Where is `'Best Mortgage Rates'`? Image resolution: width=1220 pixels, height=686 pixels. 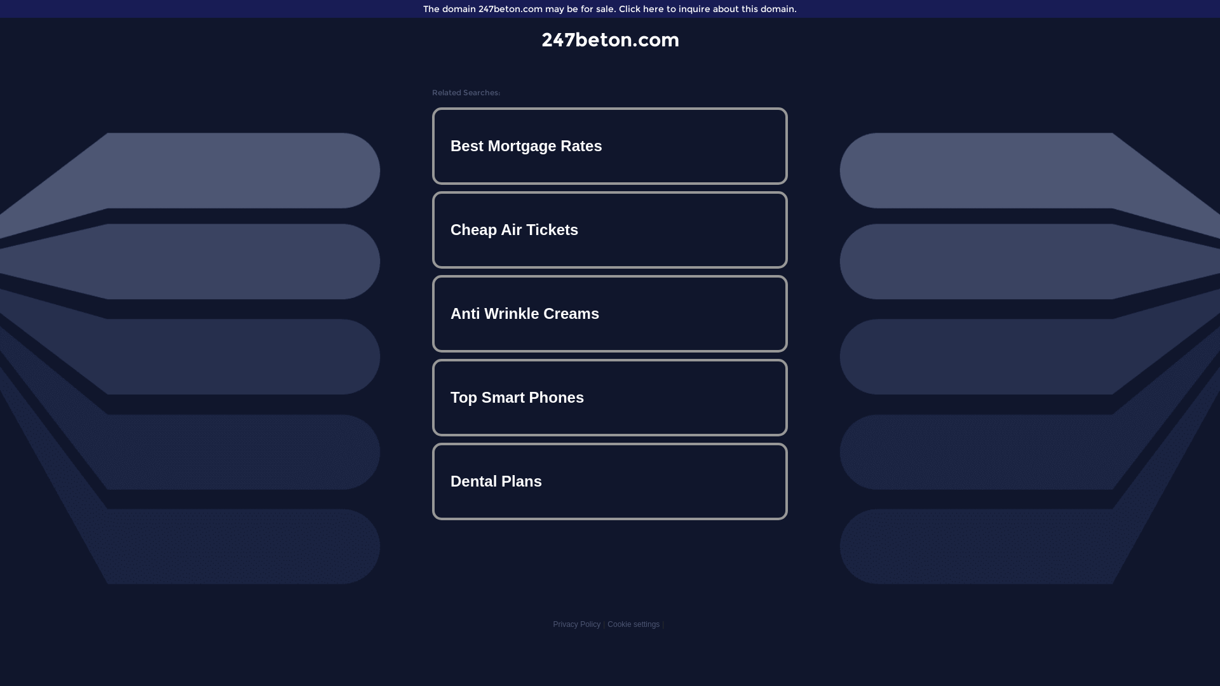 'Best Mortgage Rates' is located at coordinates (610, 145).